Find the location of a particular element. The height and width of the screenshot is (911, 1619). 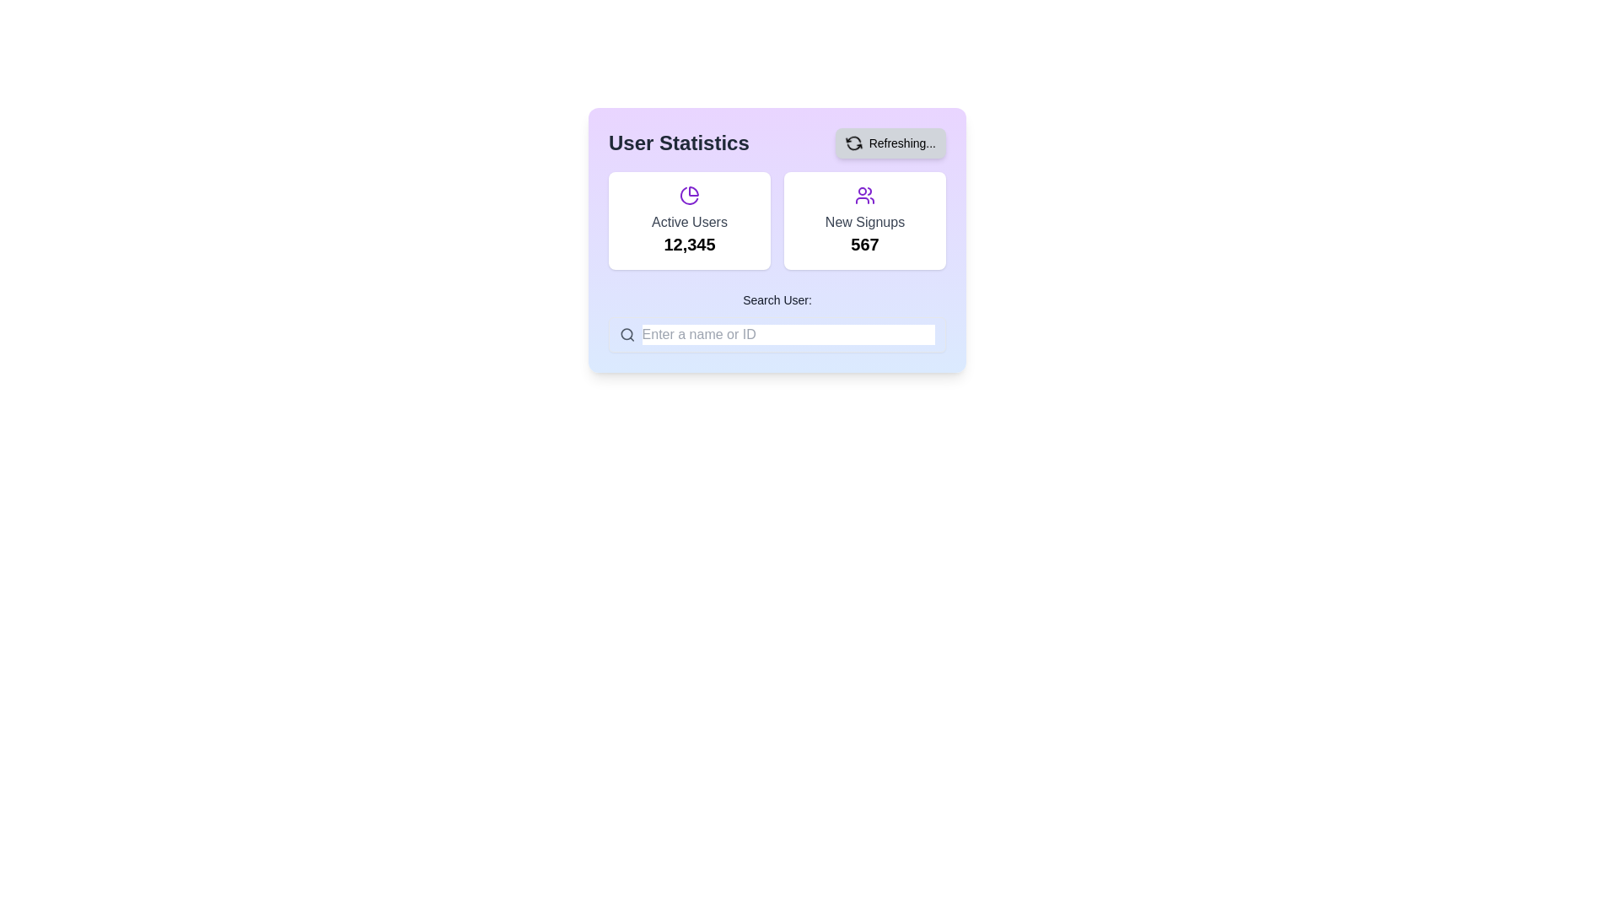

the pie chart icon located in the 'Active Users' card, which is centrally positioned above the text 'Active Users' and the number '12,345' is located at coordinates (689, 194).